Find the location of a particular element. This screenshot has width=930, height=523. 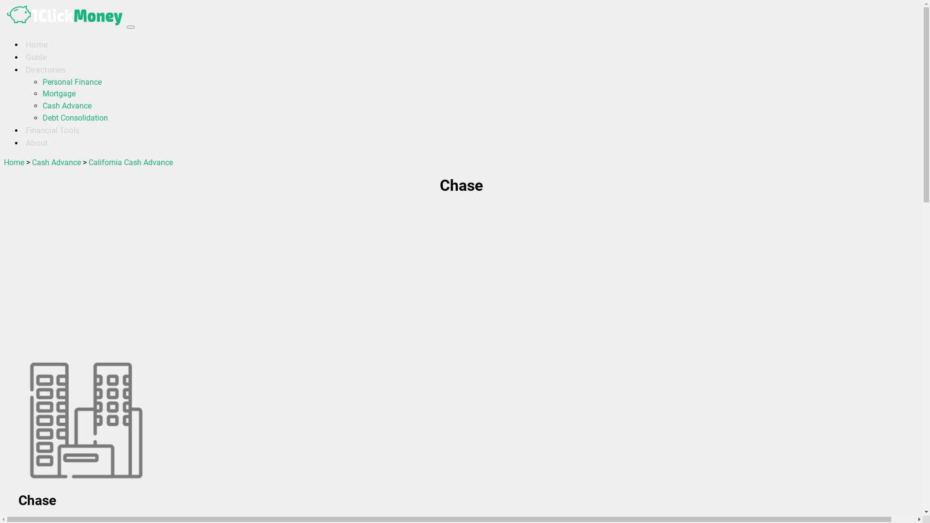

'Cash Advance' is located at coordinates (56, 162).